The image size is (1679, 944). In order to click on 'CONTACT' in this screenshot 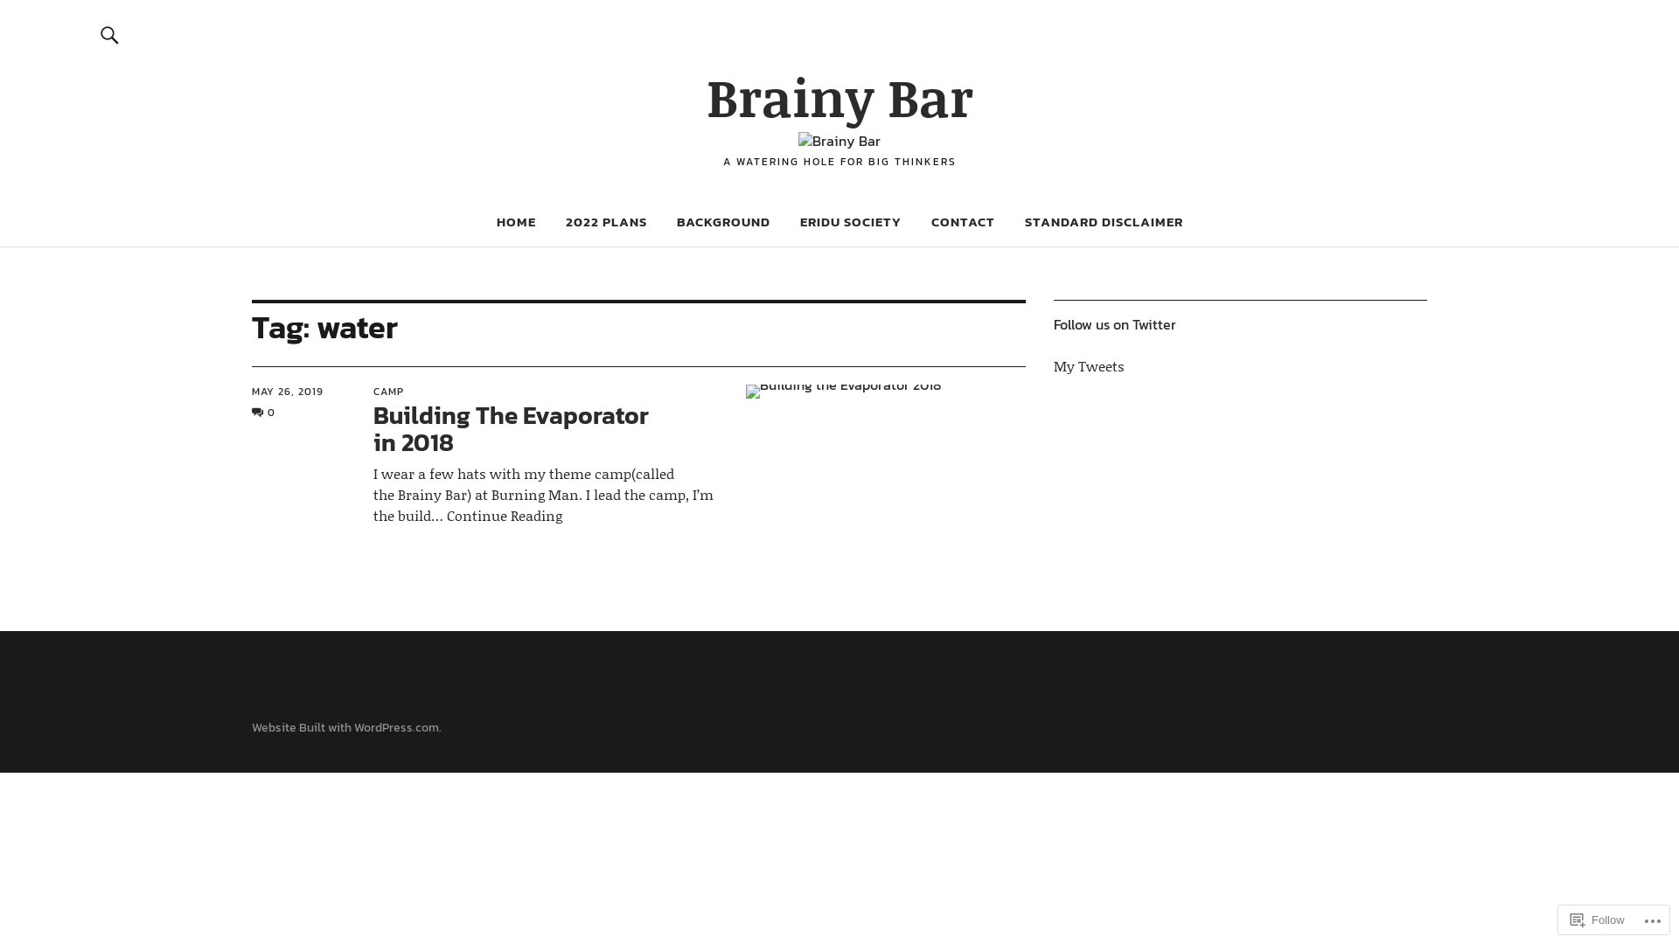, I will do `click(961, 220)`.